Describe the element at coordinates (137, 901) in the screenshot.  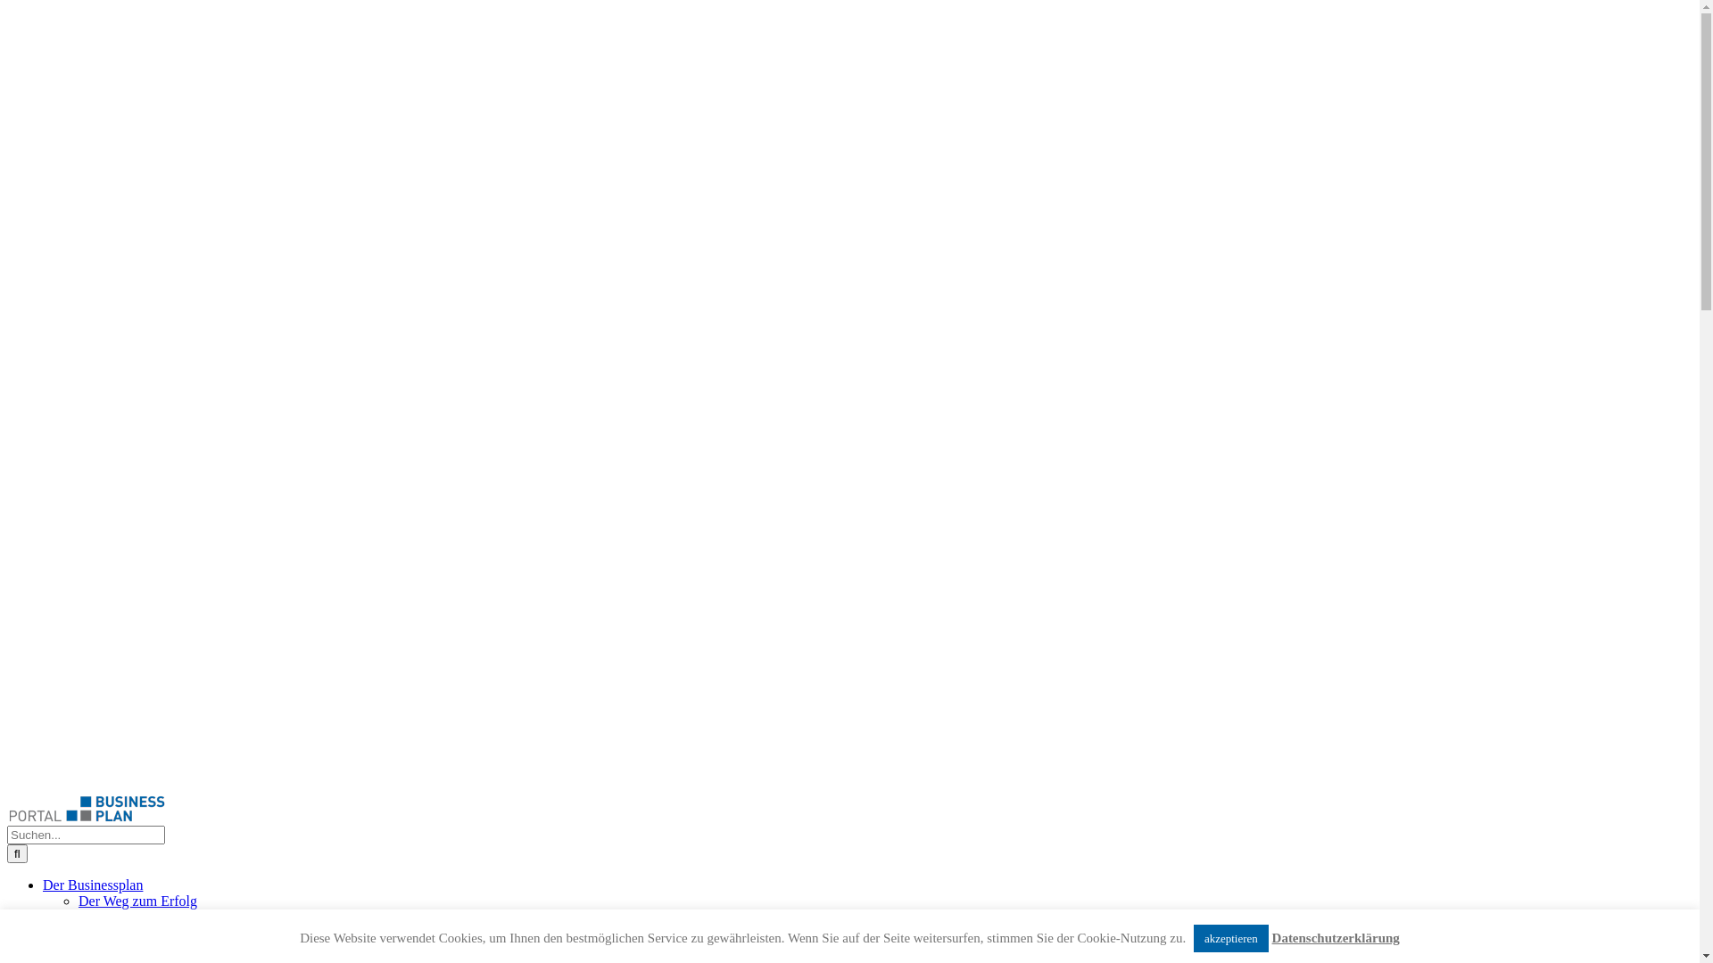
I see `'Der Weg zum Erfolg'` at that location.